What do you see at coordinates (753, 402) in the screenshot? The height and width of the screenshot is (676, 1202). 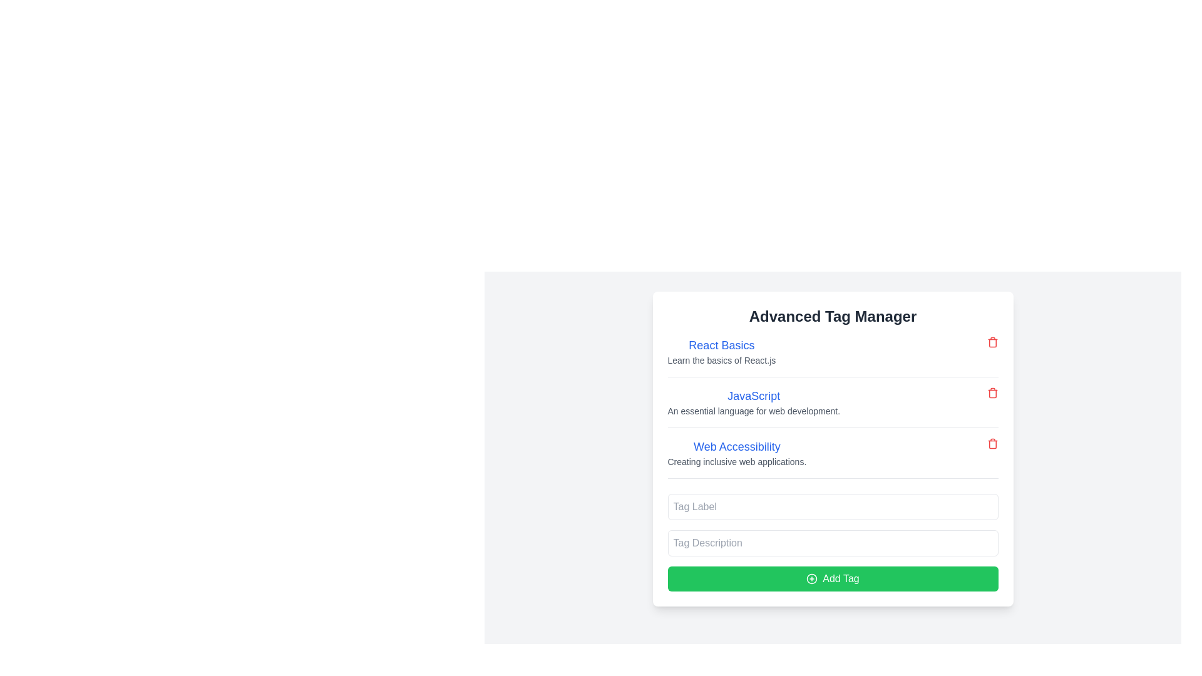 I see `the Text block labeled 'JavaScript' in the 'Advanced Tag Manager' section, which contains a larger blue title and a smaller gray description` at bounding box center [753, 402].